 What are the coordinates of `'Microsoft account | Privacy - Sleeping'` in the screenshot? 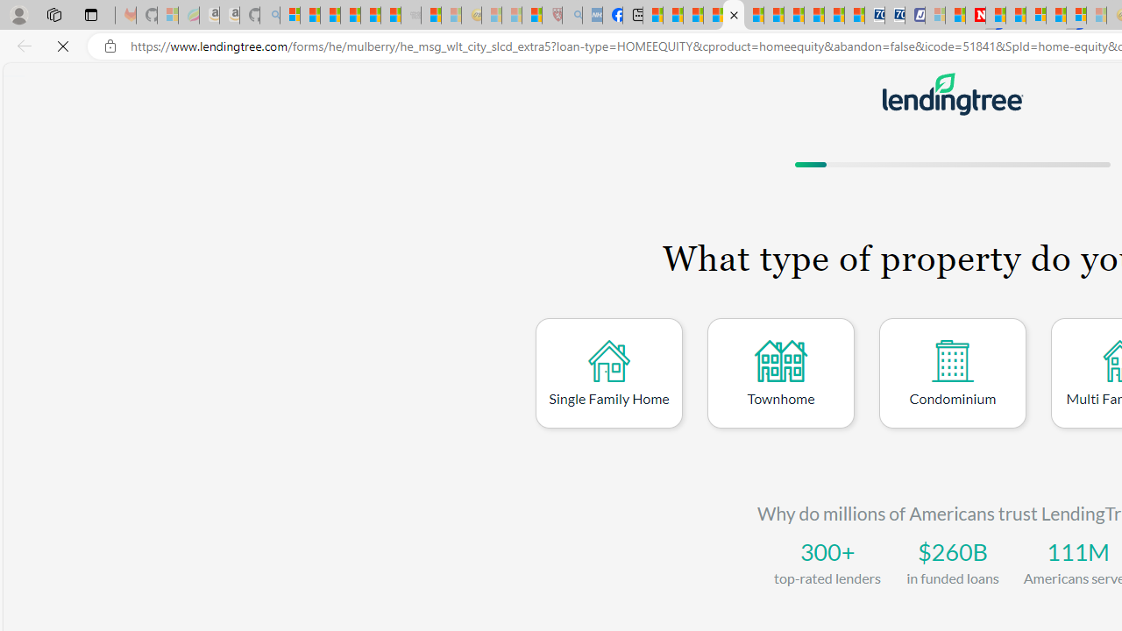 It's located at (934, 15).